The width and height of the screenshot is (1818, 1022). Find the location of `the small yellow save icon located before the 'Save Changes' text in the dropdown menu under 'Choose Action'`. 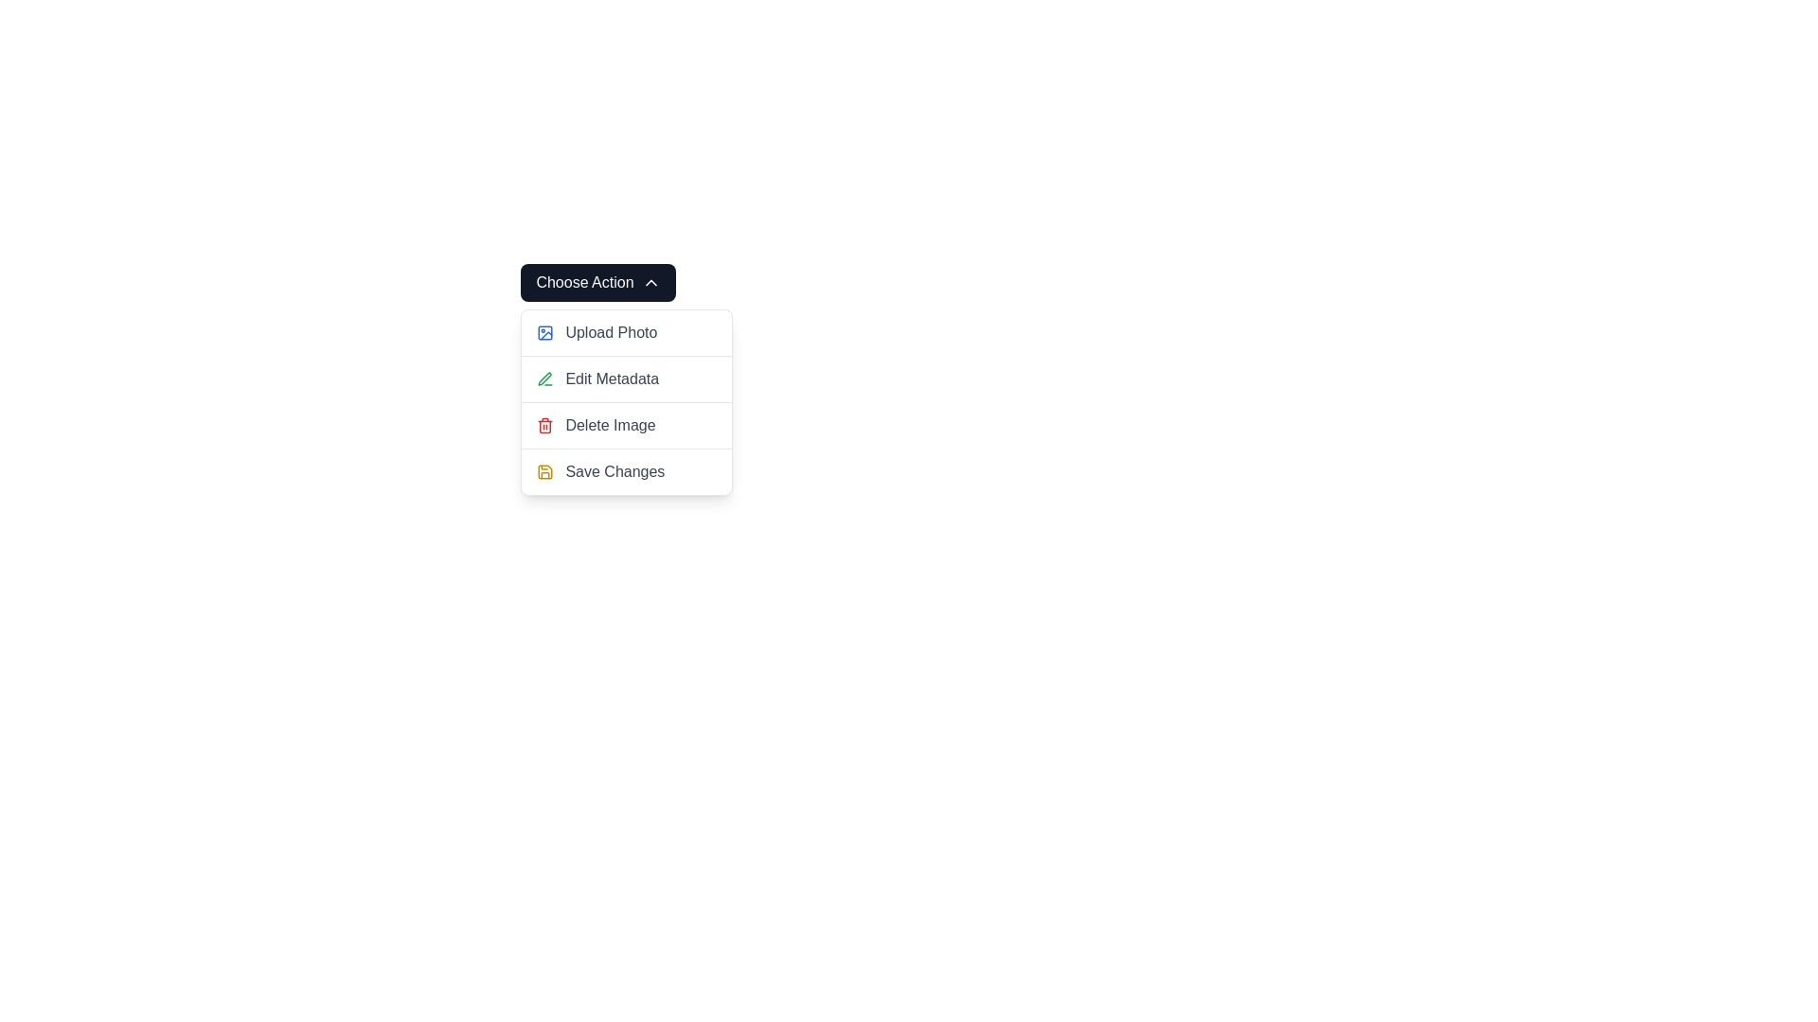

the small yellow save icon located before the 'Save Changes' text in the dropdown menu under 'Choose Action' is located at coordinates (544, 470).